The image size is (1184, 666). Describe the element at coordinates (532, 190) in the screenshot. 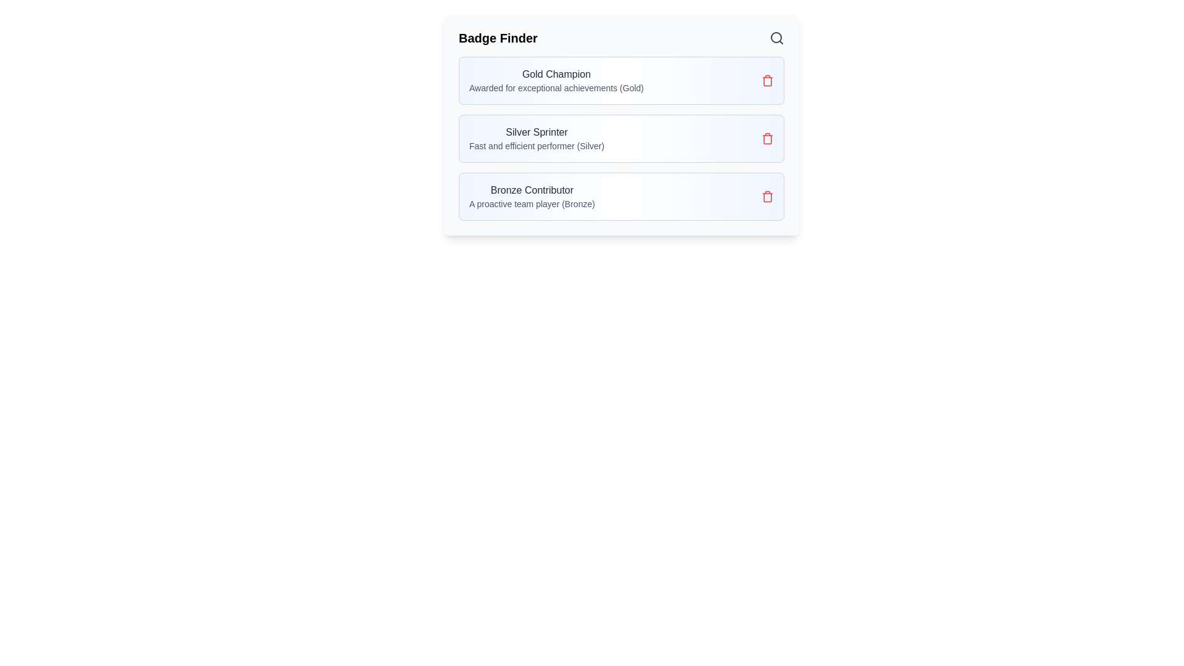

I see `the 'Bronze Contributor' text label, which is a bold, dark gray text element centrally aligned in the third card of a vertical list` at that location.